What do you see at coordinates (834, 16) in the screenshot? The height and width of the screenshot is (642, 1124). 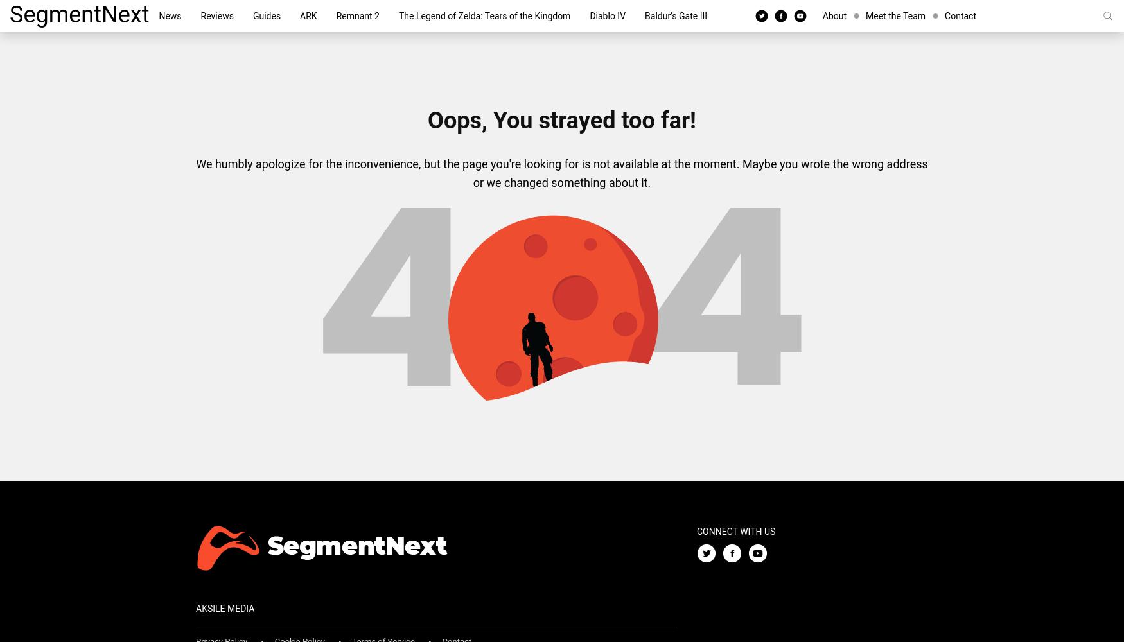 I see `'About'` at bounding box center [834, 16].